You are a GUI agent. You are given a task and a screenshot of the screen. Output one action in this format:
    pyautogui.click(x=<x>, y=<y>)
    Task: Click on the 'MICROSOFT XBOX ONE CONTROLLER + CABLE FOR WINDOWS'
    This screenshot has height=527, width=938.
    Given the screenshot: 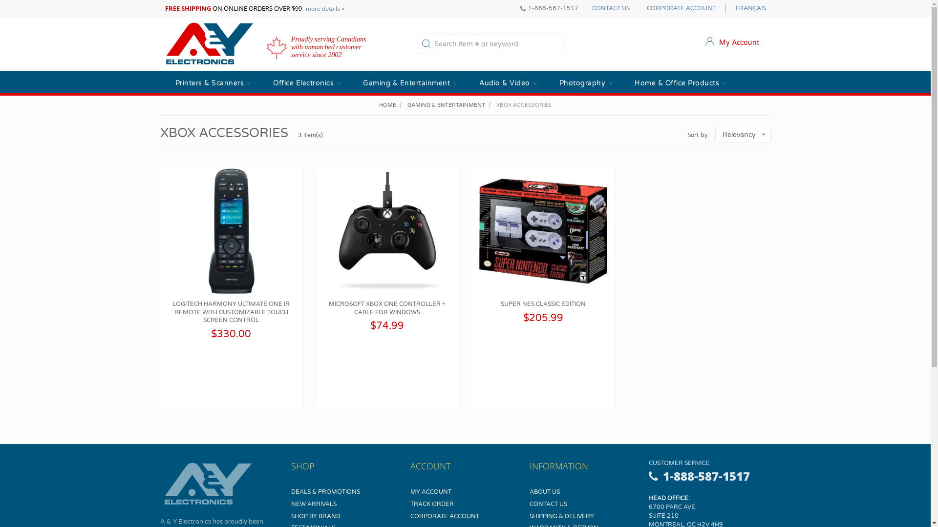 What is the action you would take?
    pyautogui.click(x=386, y=308)
    